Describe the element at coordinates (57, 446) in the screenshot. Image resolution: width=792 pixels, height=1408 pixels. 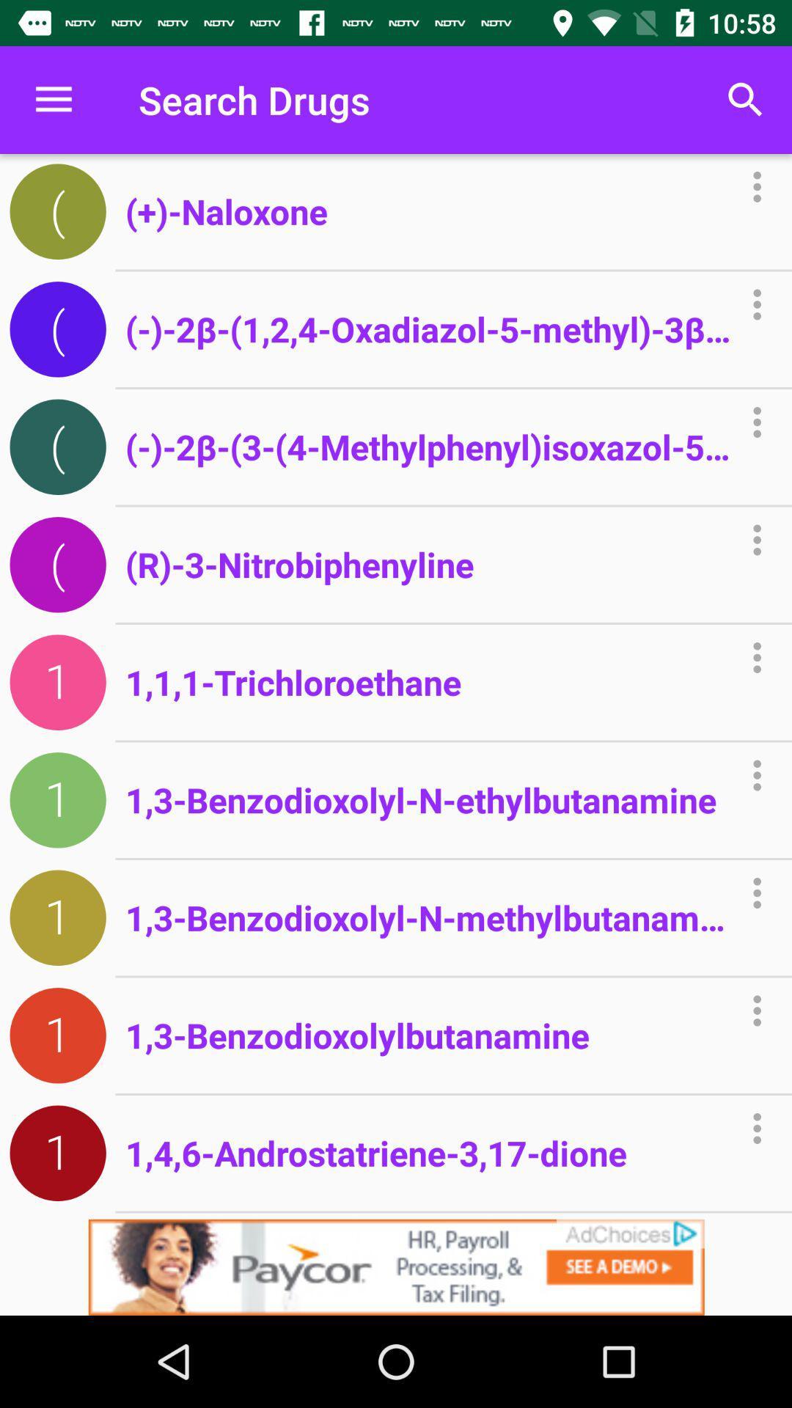
I see `the third icon below the menu` at that location.